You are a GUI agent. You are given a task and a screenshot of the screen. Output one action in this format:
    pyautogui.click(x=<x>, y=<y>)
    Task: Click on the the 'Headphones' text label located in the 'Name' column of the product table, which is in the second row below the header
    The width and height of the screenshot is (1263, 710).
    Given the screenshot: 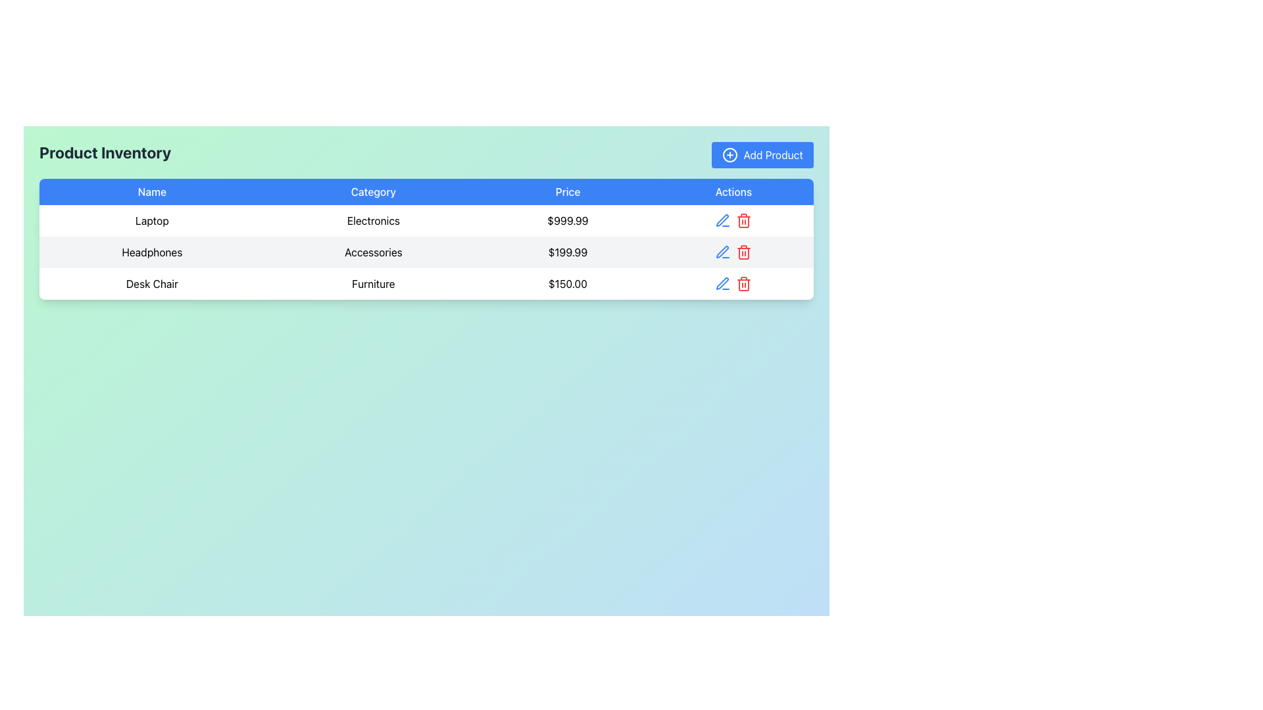 What is the action you would take?
    pyautogui.click(x=152, y=252)
    